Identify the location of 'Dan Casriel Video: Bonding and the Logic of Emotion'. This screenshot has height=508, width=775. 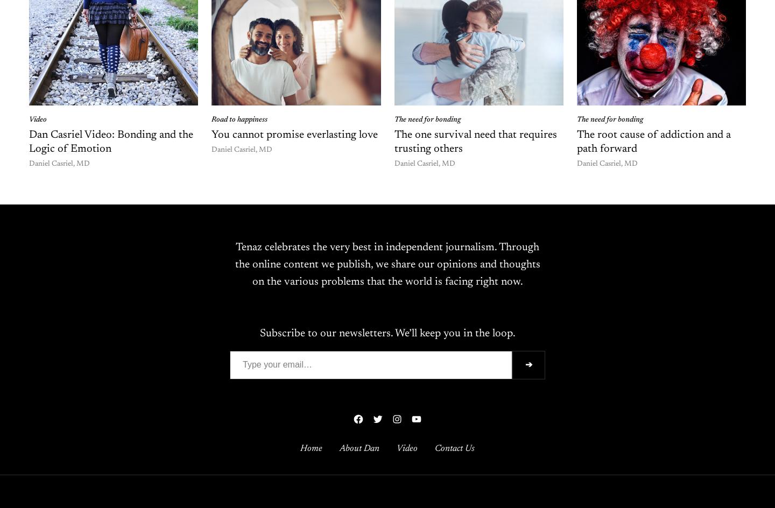
(111, 141).